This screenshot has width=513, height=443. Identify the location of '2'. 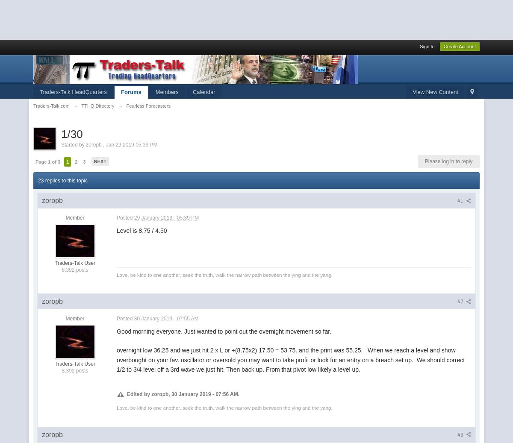
(75, 161).